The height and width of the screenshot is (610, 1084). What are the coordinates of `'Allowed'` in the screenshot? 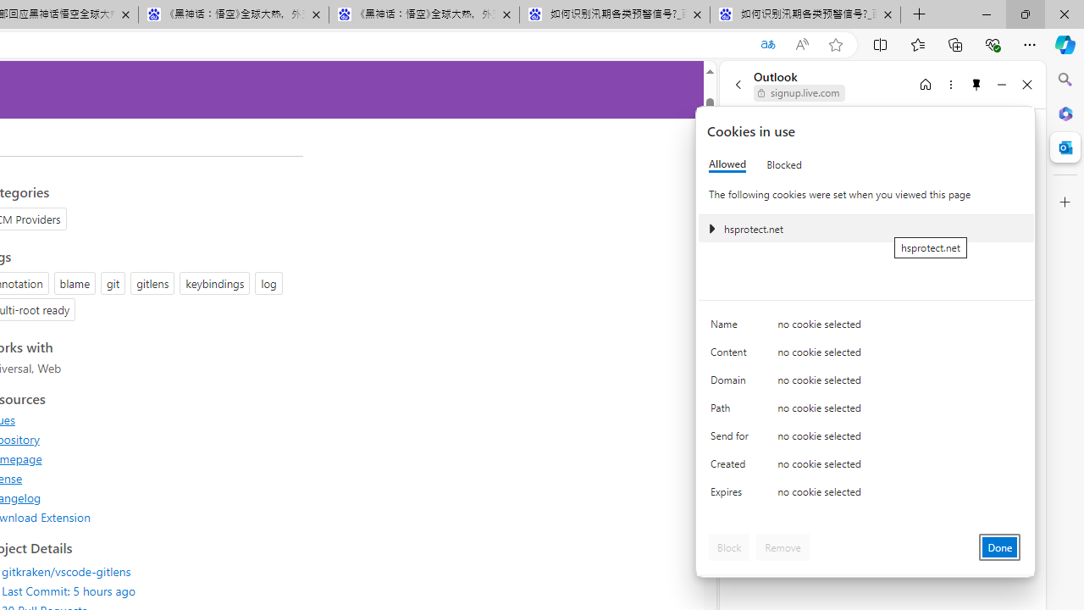 It's located at (727, 164).